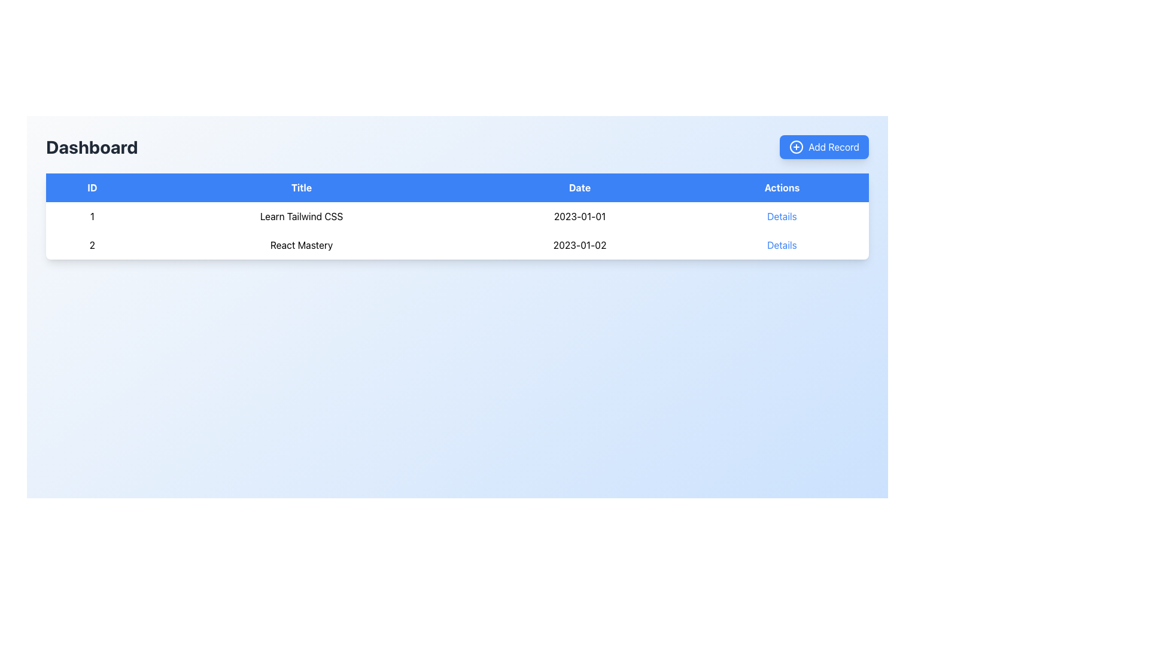  What do you see at coordinates (782, 244) in the screenshot?
I see `the 'Details' hyperlink located in the 'Actions' column of the second row of the data table` at bounding box center [782, 244].